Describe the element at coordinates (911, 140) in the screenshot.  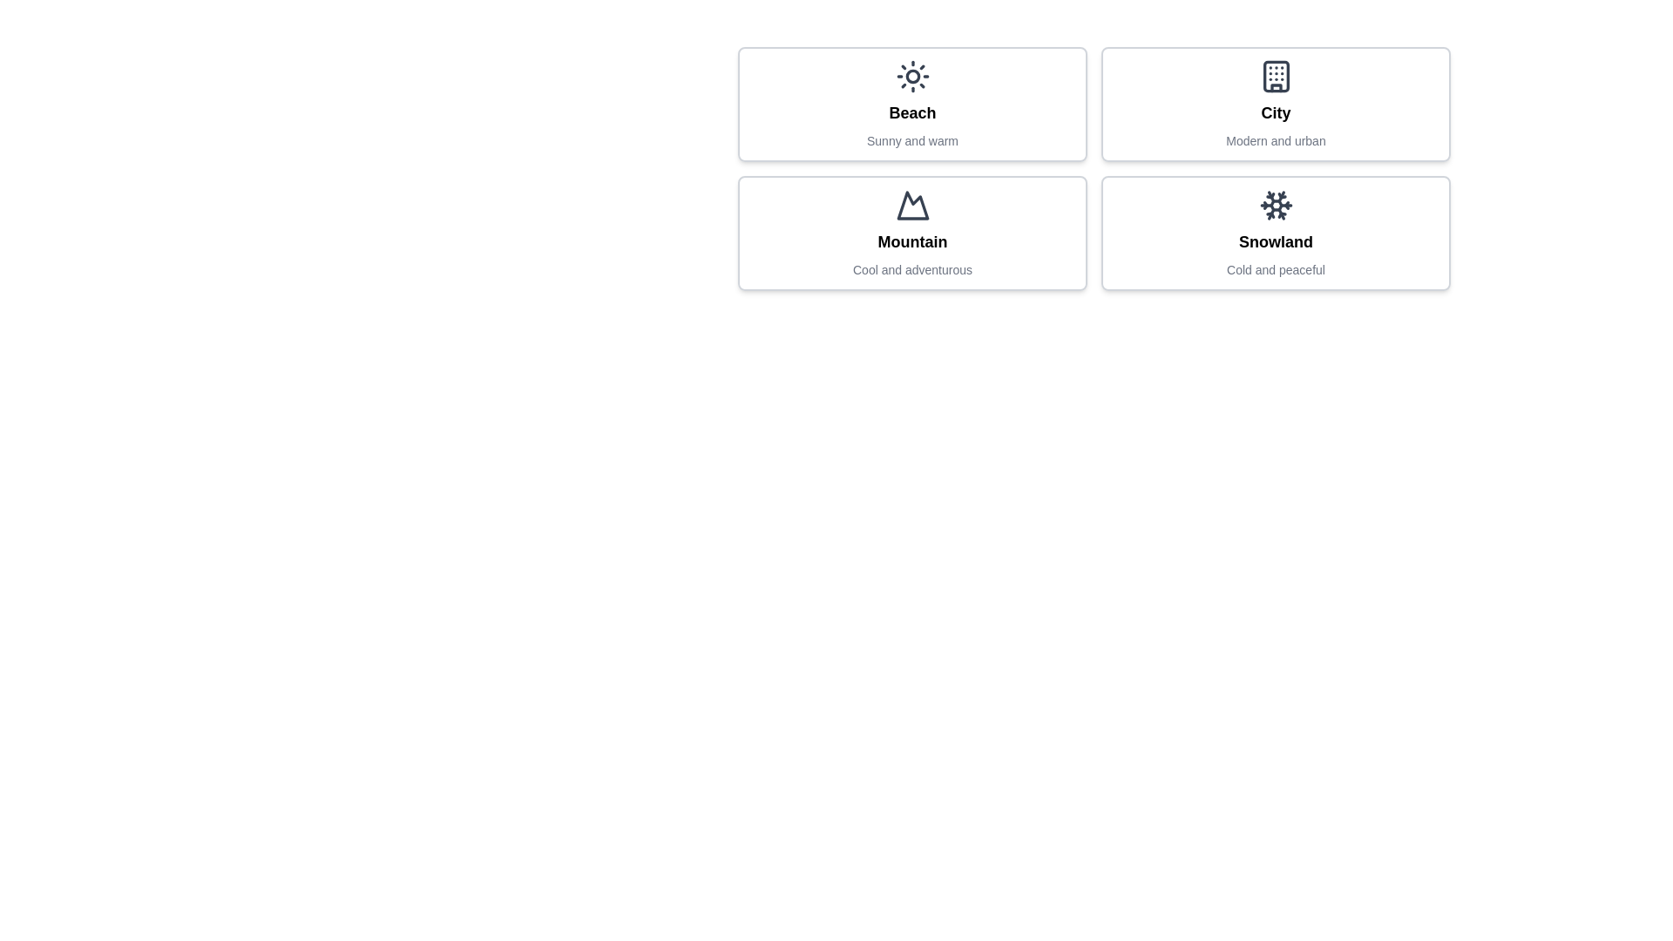
I see `the descriptive text label located beneath the 'Beach' heading in the top-left corner of the grid layout` at that location.